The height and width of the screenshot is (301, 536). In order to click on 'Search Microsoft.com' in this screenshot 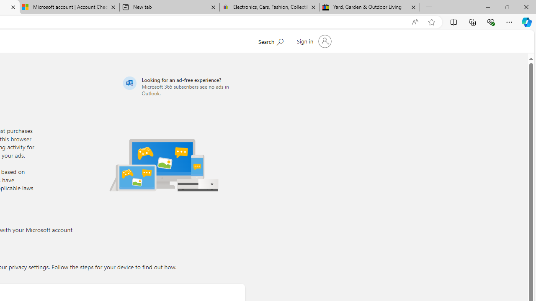, I will do `click(271, 41)`.